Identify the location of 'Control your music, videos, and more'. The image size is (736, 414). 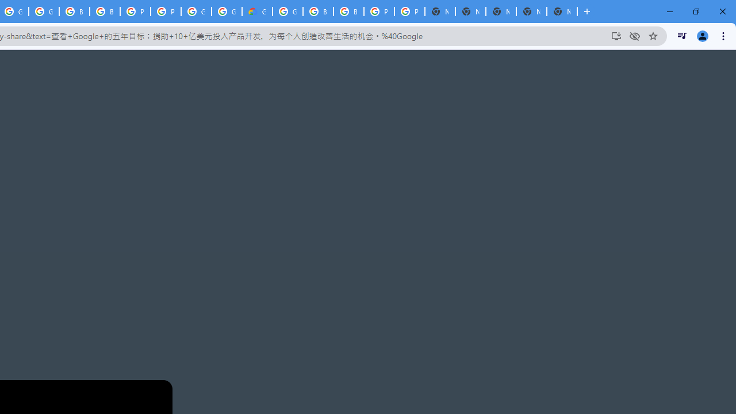
(681, 35).